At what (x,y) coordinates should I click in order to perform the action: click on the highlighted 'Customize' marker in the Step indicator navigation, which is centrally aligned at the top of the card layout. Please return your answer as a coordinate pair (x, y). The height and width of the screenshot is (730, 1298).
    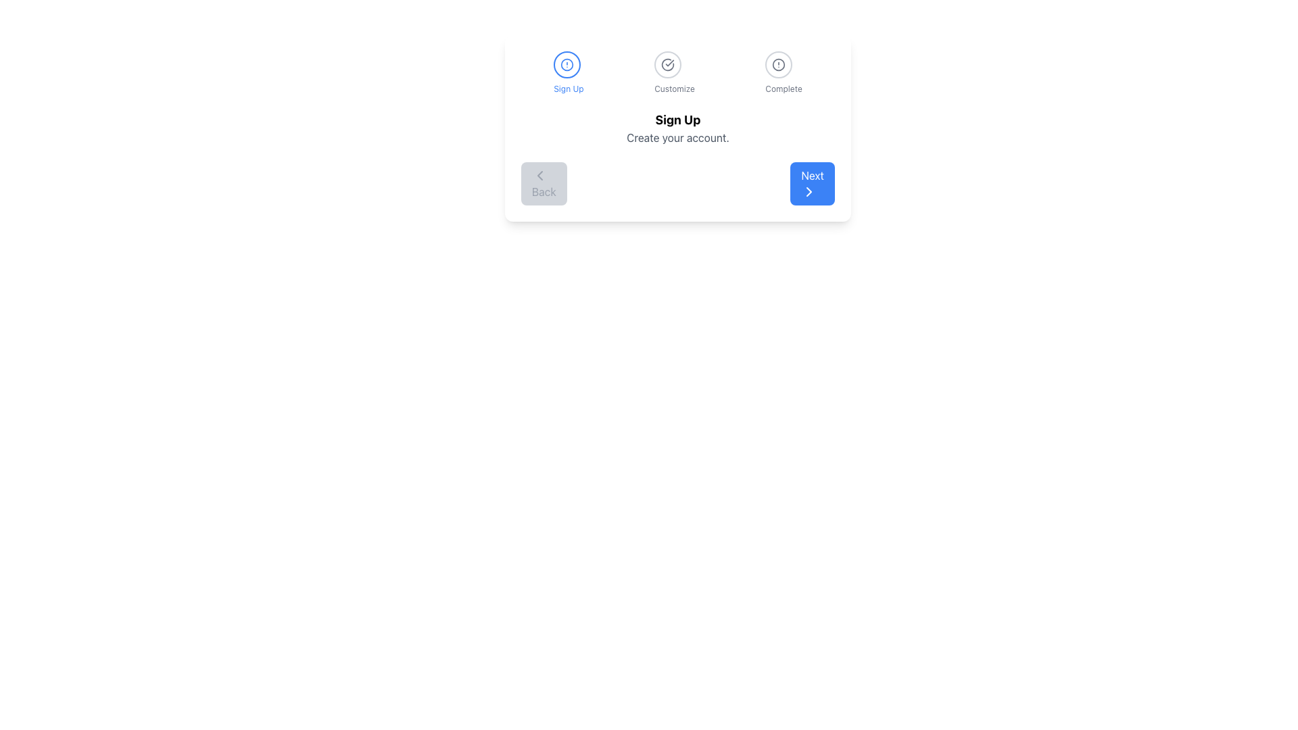
    Looking at the image, I should click on (678, 73).